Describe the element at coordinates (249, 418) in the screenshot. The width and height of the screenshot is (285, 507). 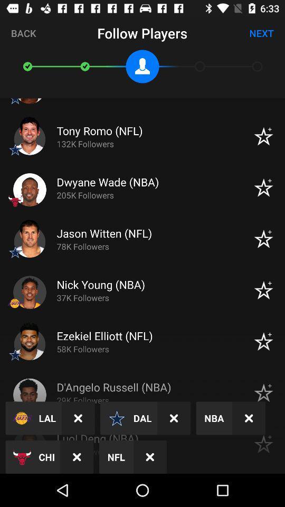
I see `the wrong mark beside nba` at that location.